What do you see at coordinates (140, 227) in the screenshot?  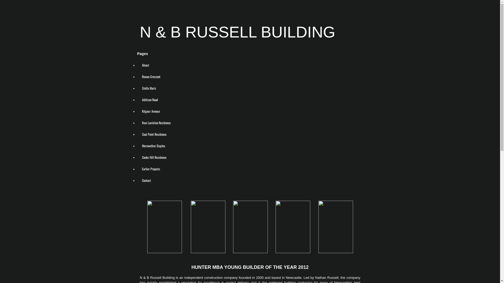 I see `'        '` at bounding box center [140, 227].